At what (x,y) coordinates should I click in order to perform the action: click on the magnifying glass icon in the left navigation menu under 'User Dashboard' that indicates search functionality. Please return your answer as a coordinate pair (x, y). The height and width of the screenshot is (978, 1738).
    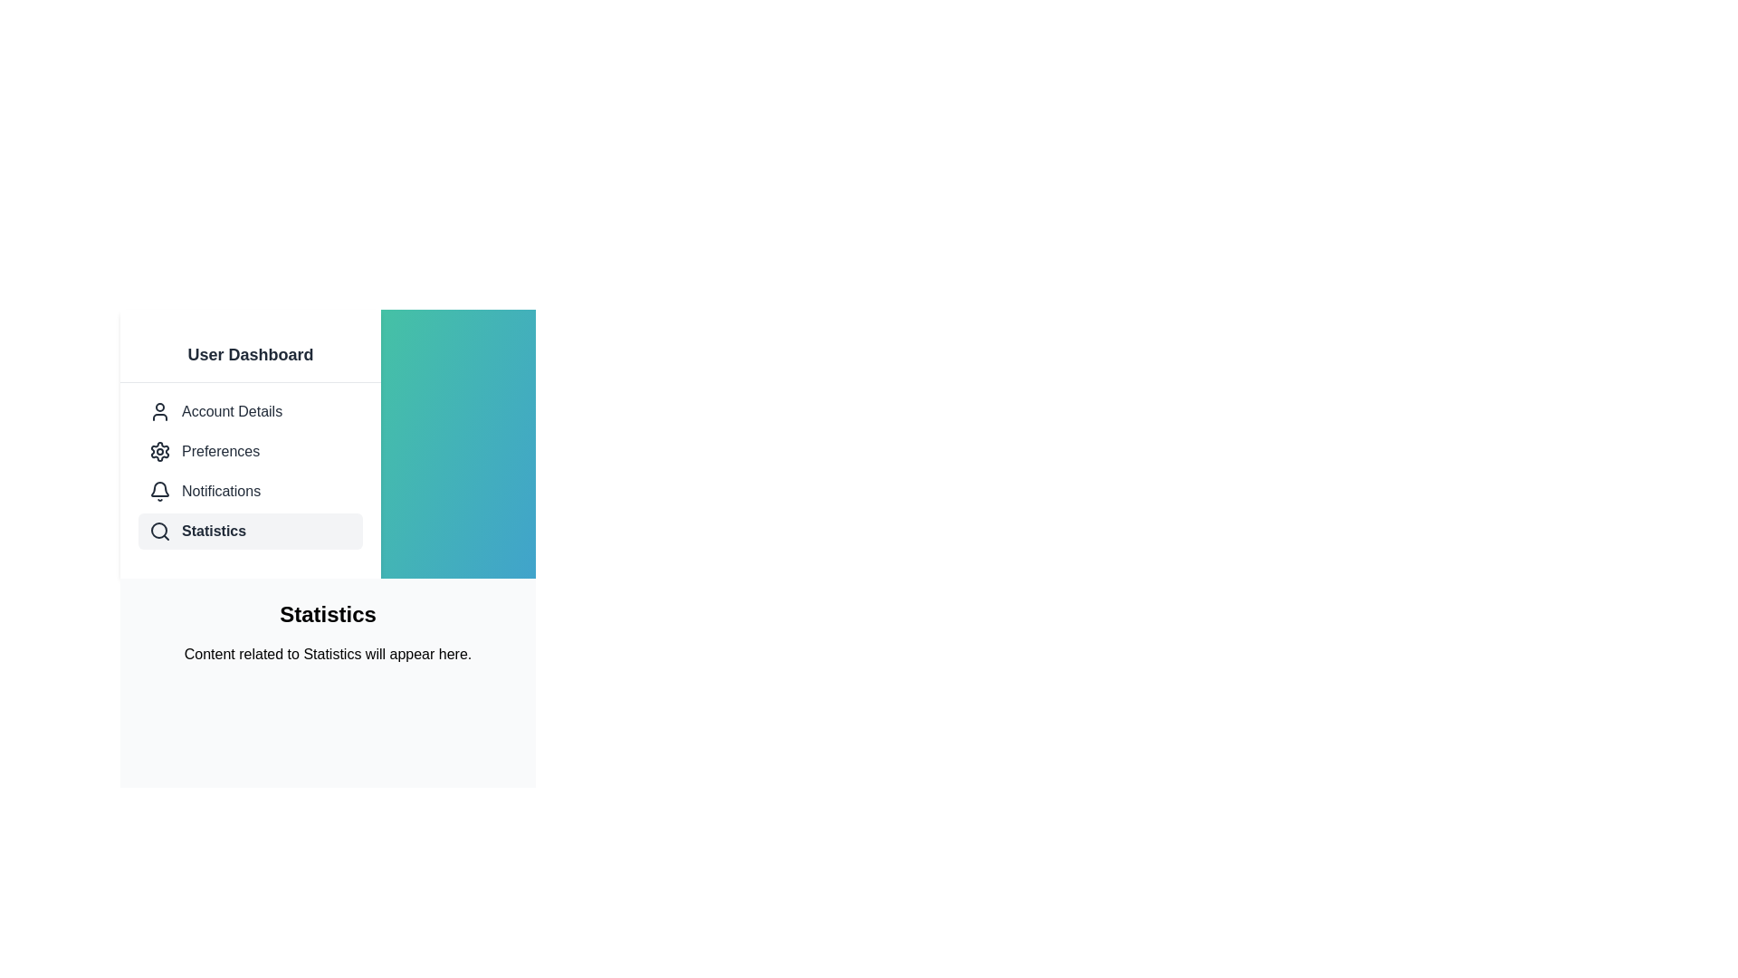
    Looking at the image, I should click on (160, 530).